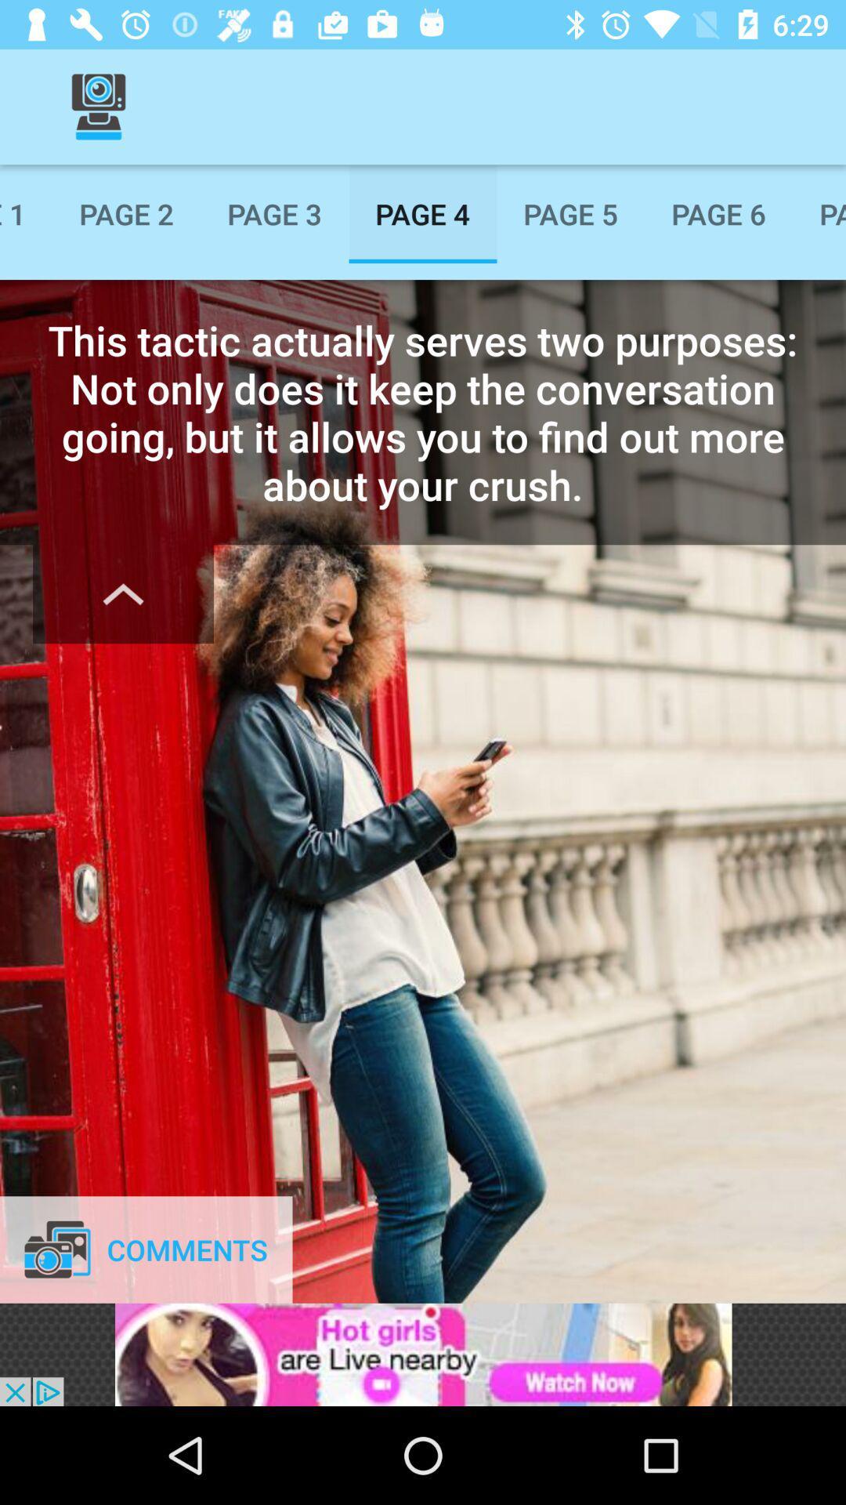 The height and width of the screenshot is (1505, 846). What do you see at coordinates (122, 593) in the screenshot?
I see `up arrow` at bounding box center [122, 593].